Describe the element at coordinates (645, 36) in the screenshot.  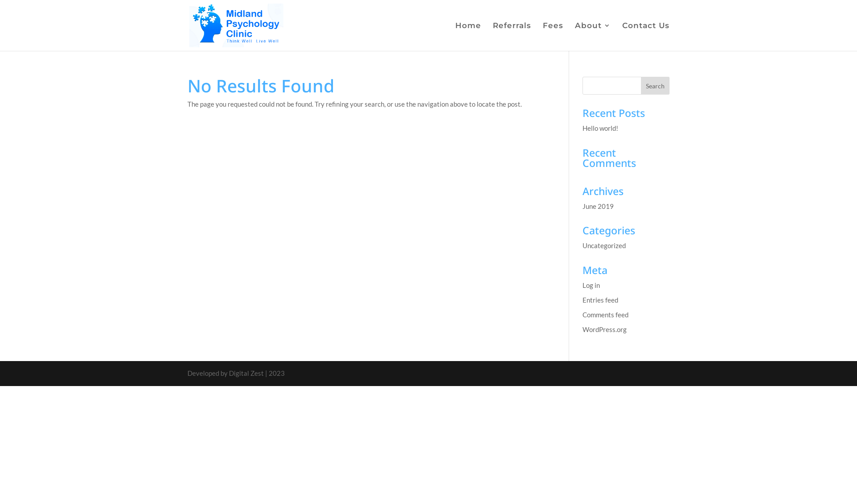
I see `'Contact Us'` at that location.